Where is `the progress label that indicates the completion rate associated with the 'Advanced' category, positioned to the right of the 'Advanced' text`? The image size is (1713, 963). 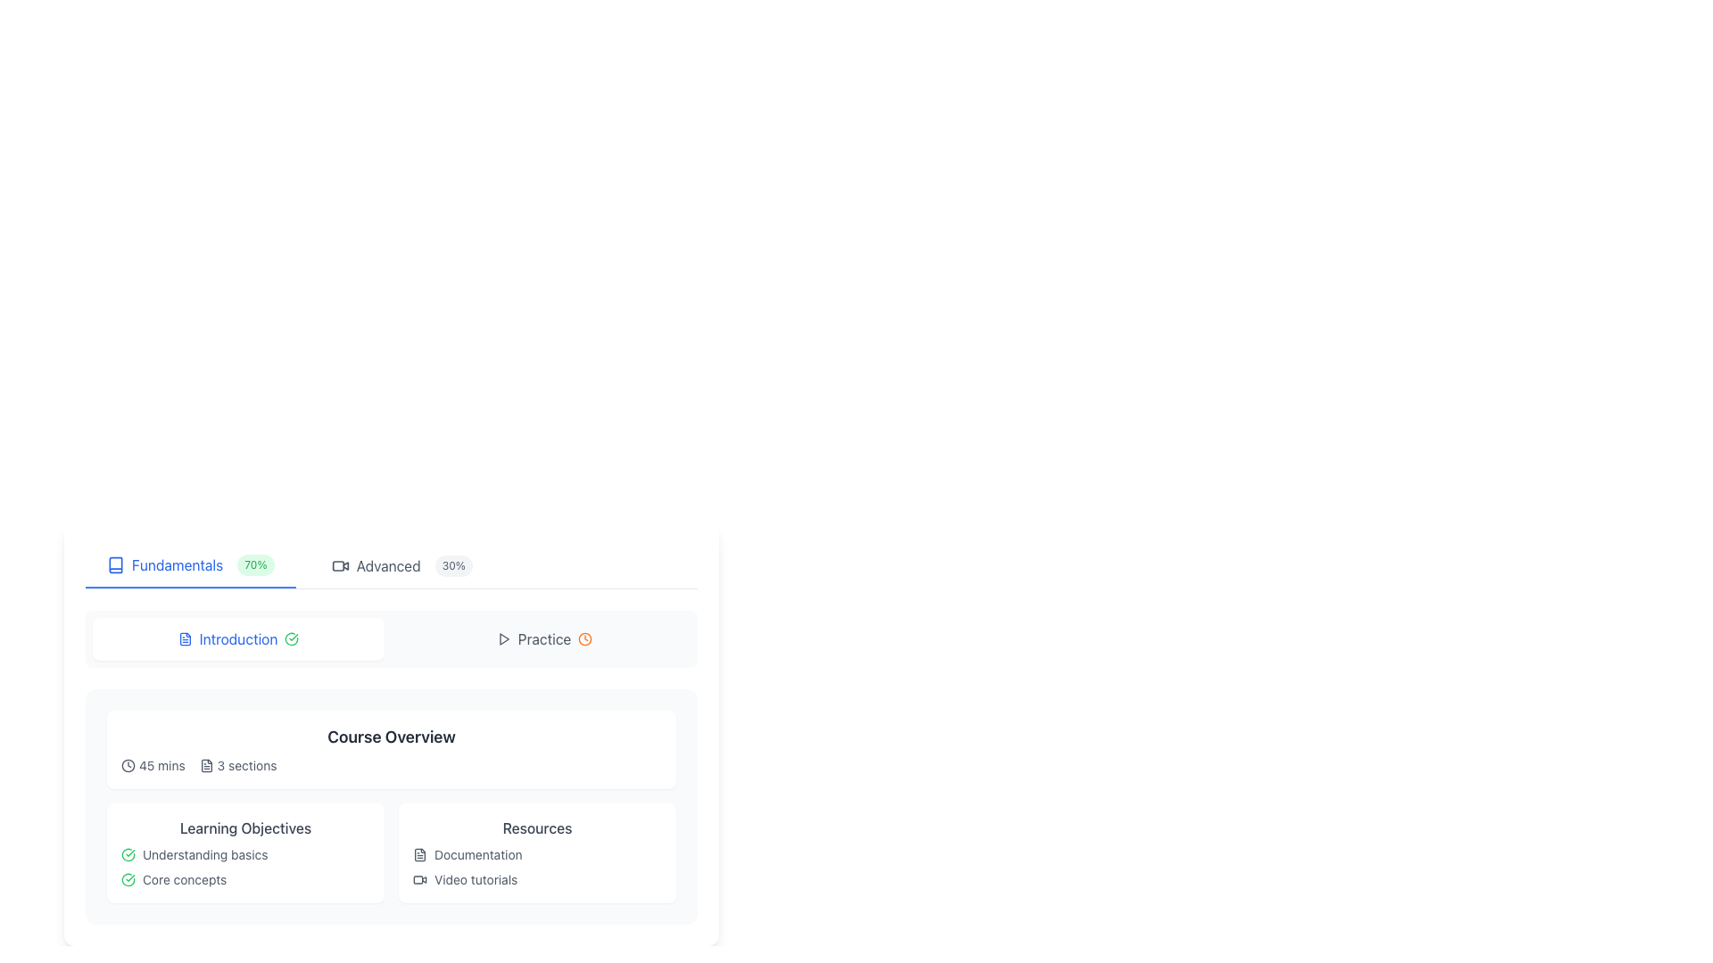
the progress label that indicates the completion rate associated with the 'Advanced' category, positioned to the right of the 'Advanced' text is located at coordinates (453, 566).